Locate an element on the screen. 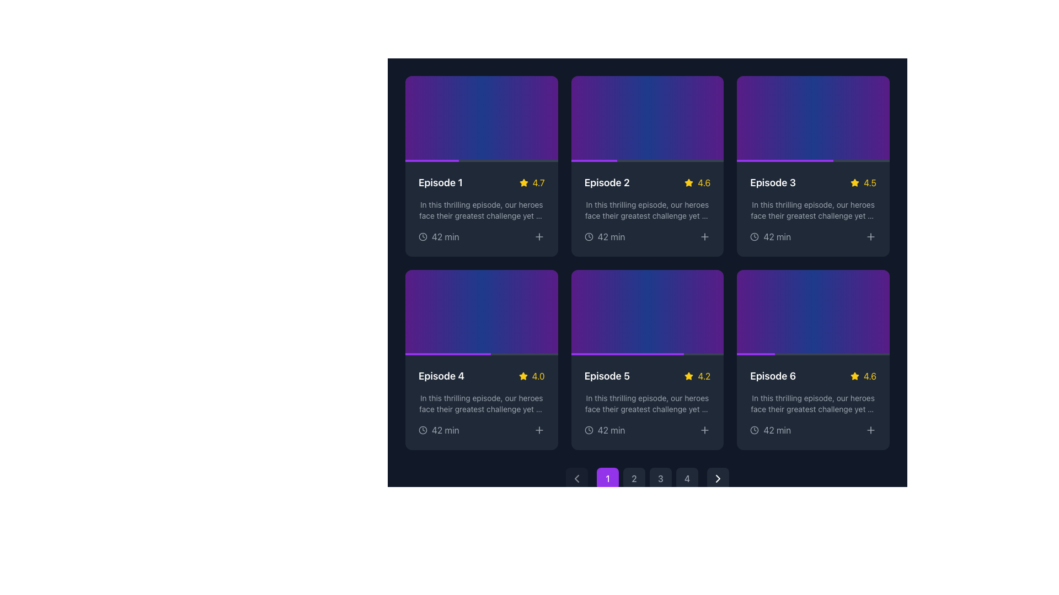 The height and width of the screenshot is (595, 1059). the progress indication bar located at the bottom of the 'Episode 2' card in the grid layout is located at coordinates (593, 160).